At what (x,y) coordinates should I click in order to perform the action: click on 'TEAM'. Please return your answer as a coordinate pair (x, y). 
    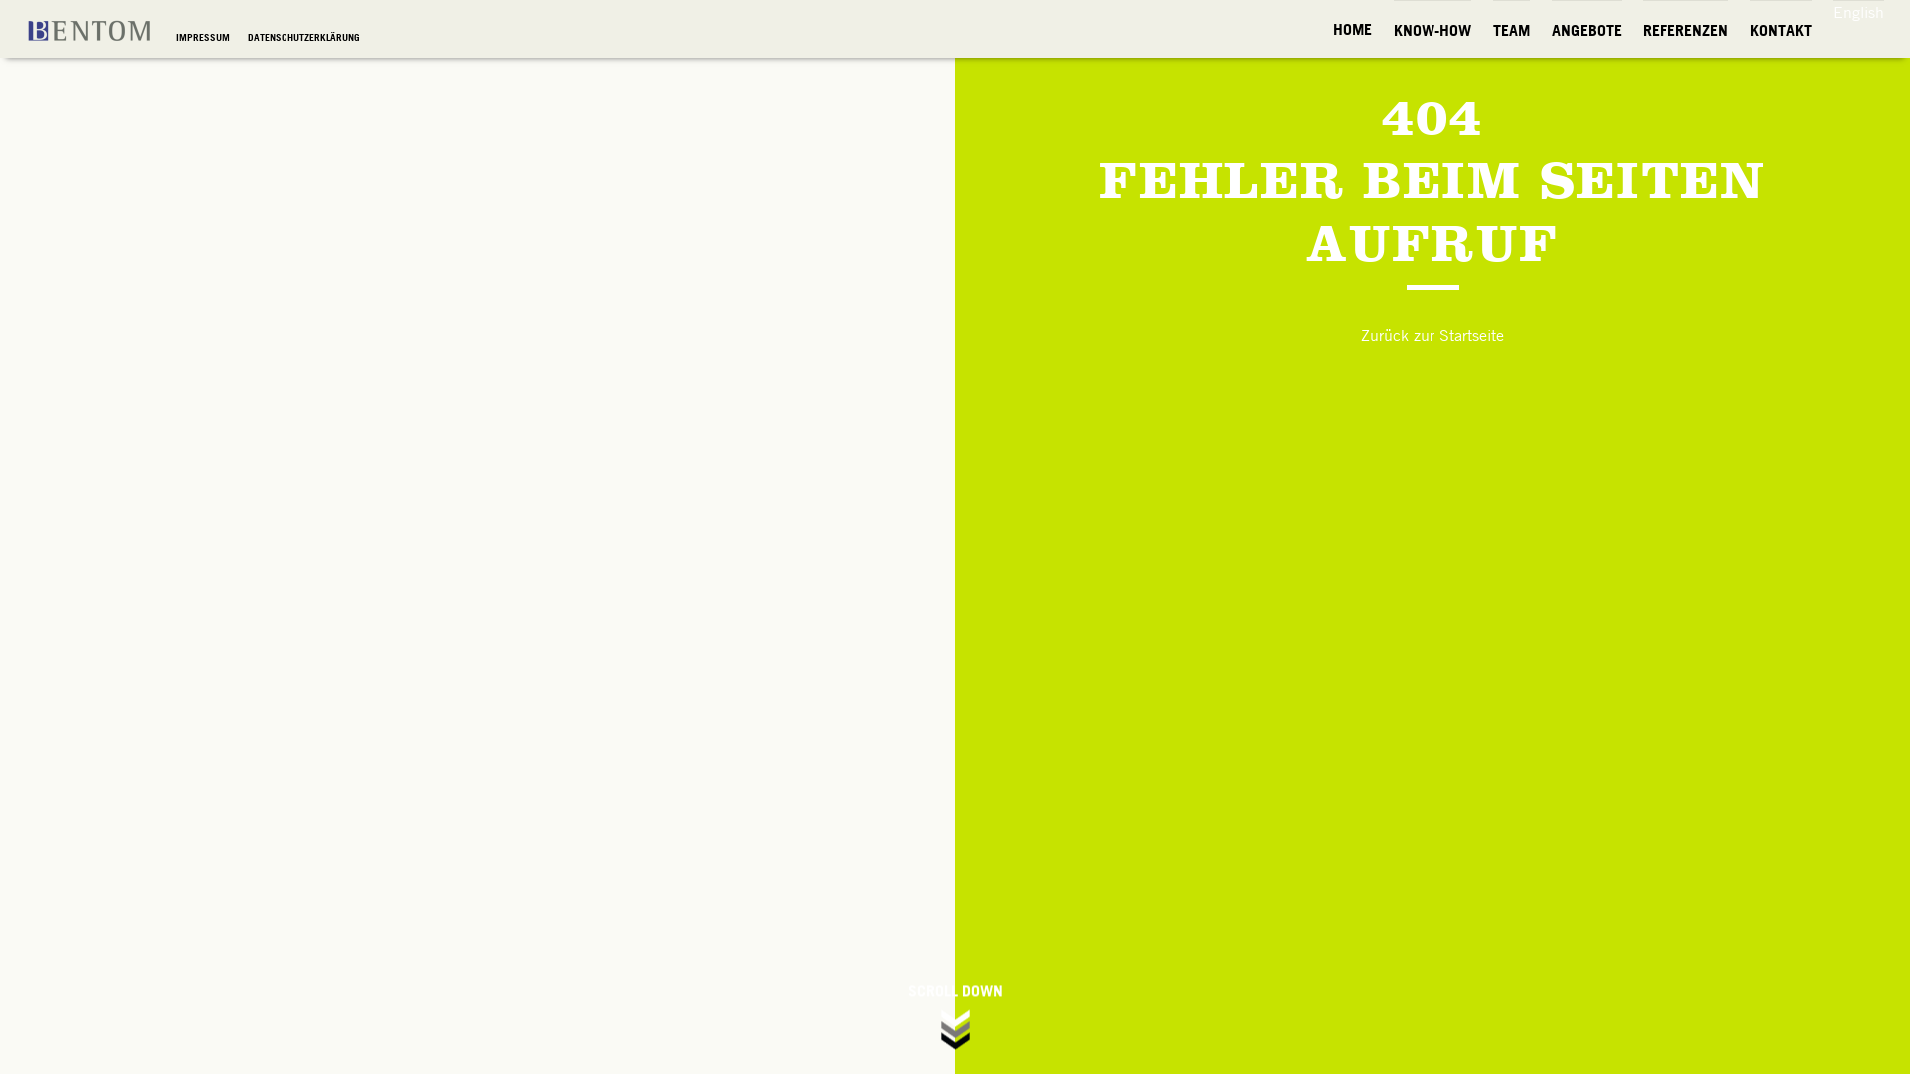
    Looking at the image, I should click on (1511, 30).